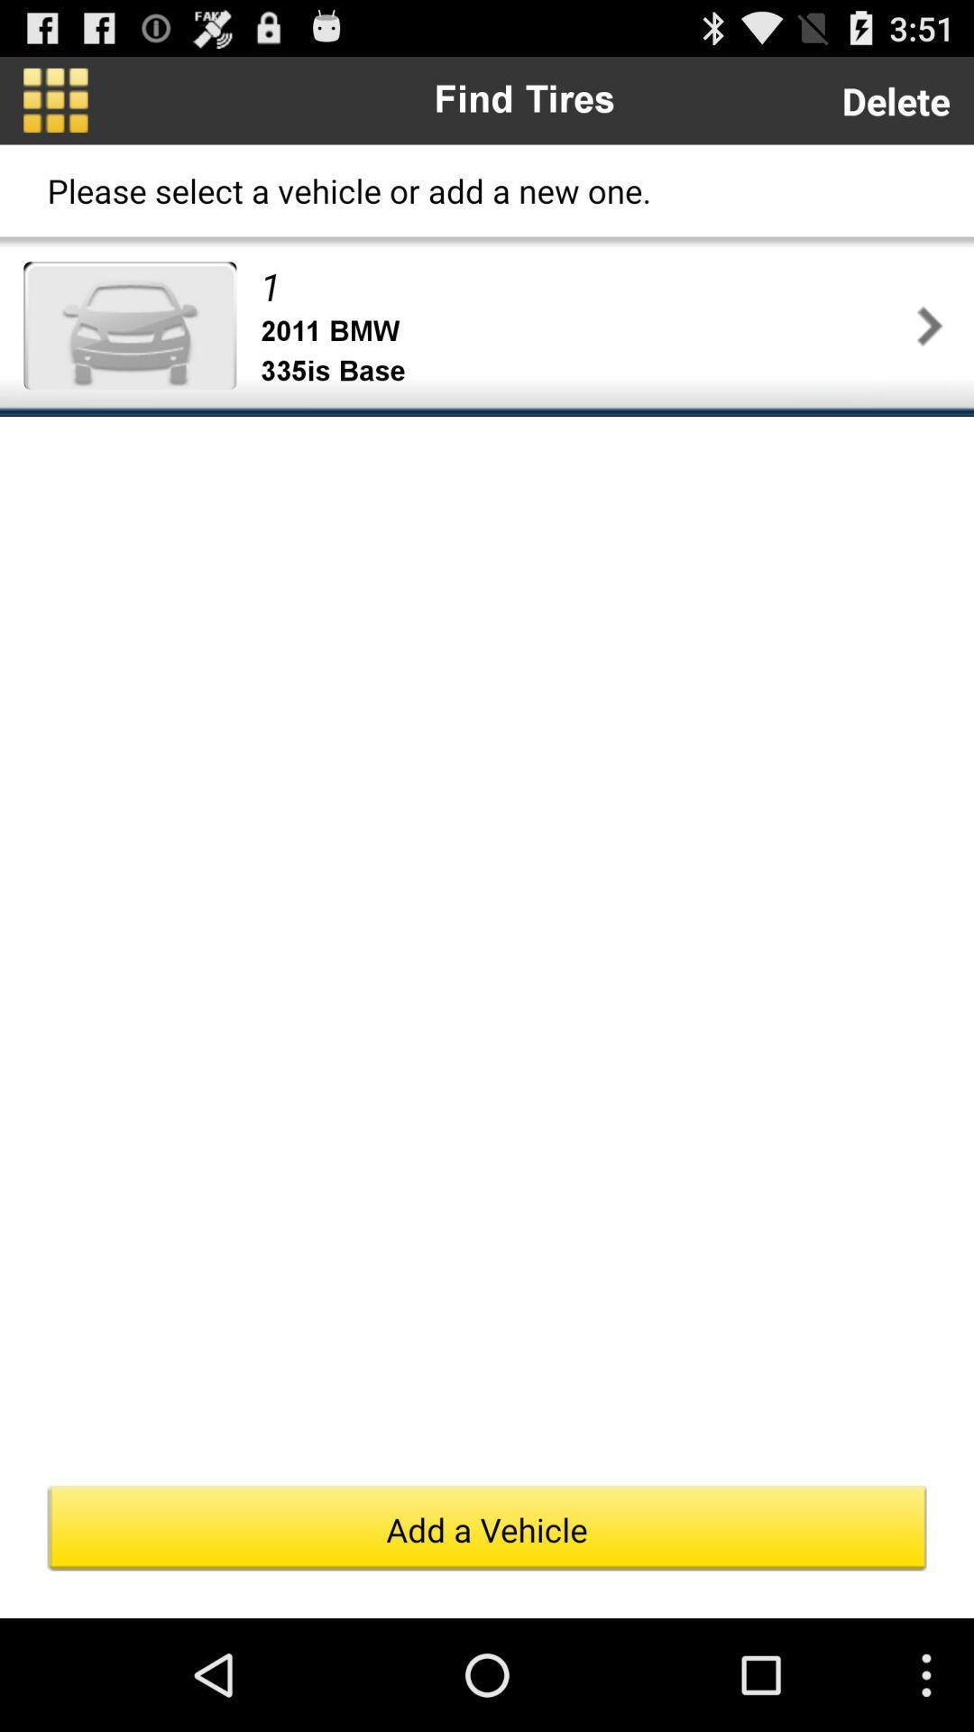 The image size is (974, 1732). Describe the element at coordinates (129, 326) in the screenshot. I see `the item below the please select a icon` at that location.